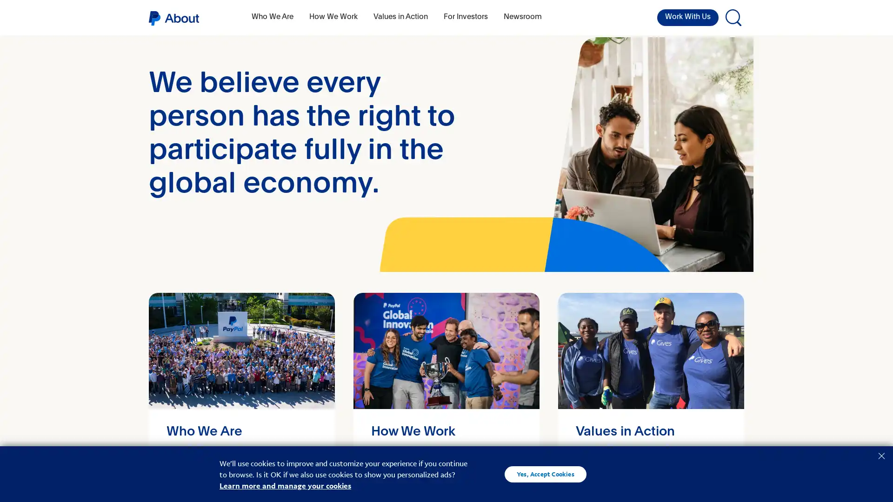 The height and width of the screenshot is (502, 893). I want to click on close disclaimer, so click(881, 455).